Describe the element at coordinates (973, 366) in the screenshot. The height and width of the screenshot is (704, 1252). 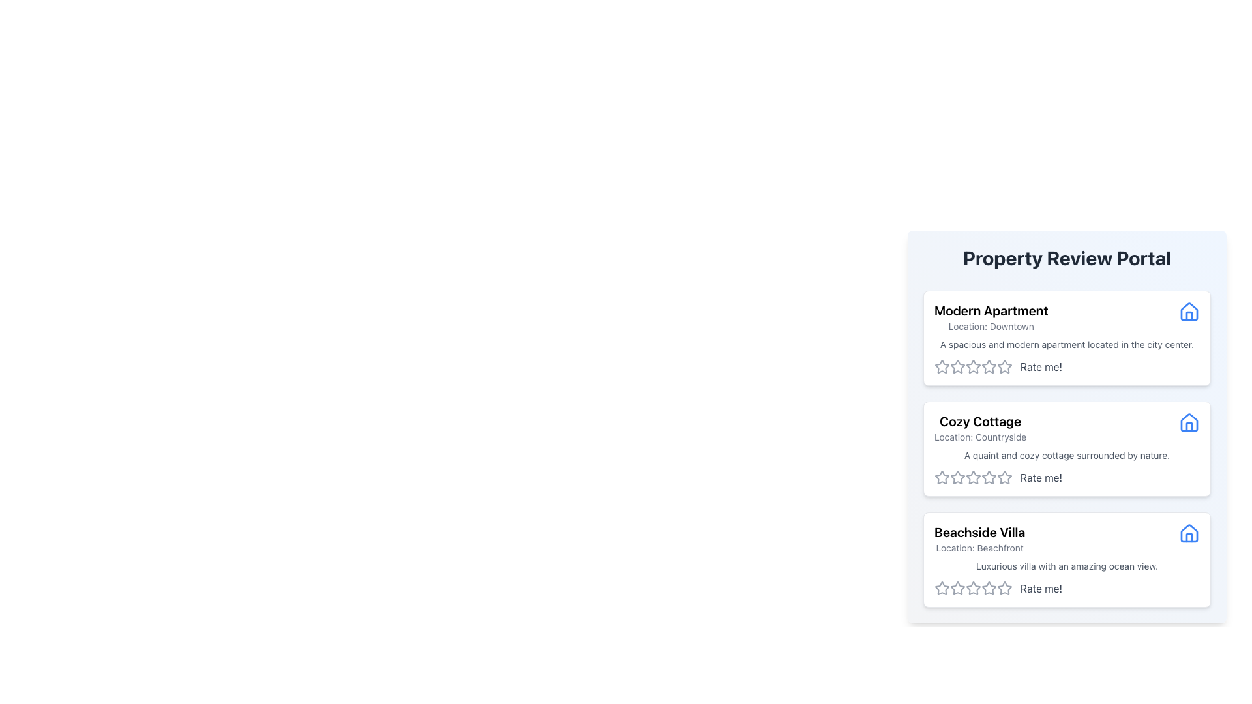
I see `the second star icon in the rating control, which is styled in gray and has a hollow center` at that location.